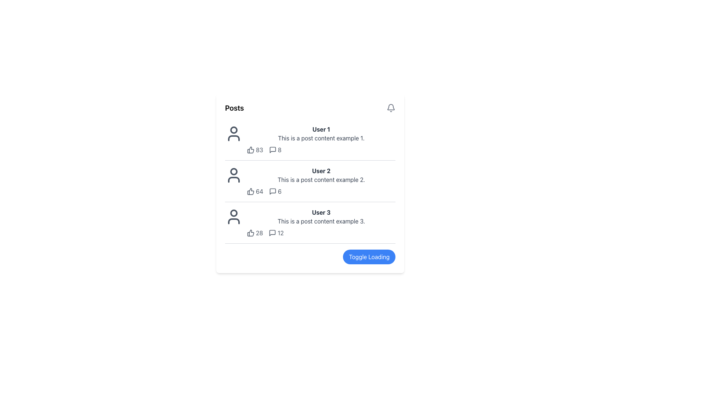 This screenshot has width=705, height=397. What do you see at coordinates (279, 150) in the screenshot?
I see `the static label displaying the numeric value (8) indicating the count of comments for the associated post, which is positioned to the right of the comment icon in the top post of the interface` at bounding box center [279, 150].